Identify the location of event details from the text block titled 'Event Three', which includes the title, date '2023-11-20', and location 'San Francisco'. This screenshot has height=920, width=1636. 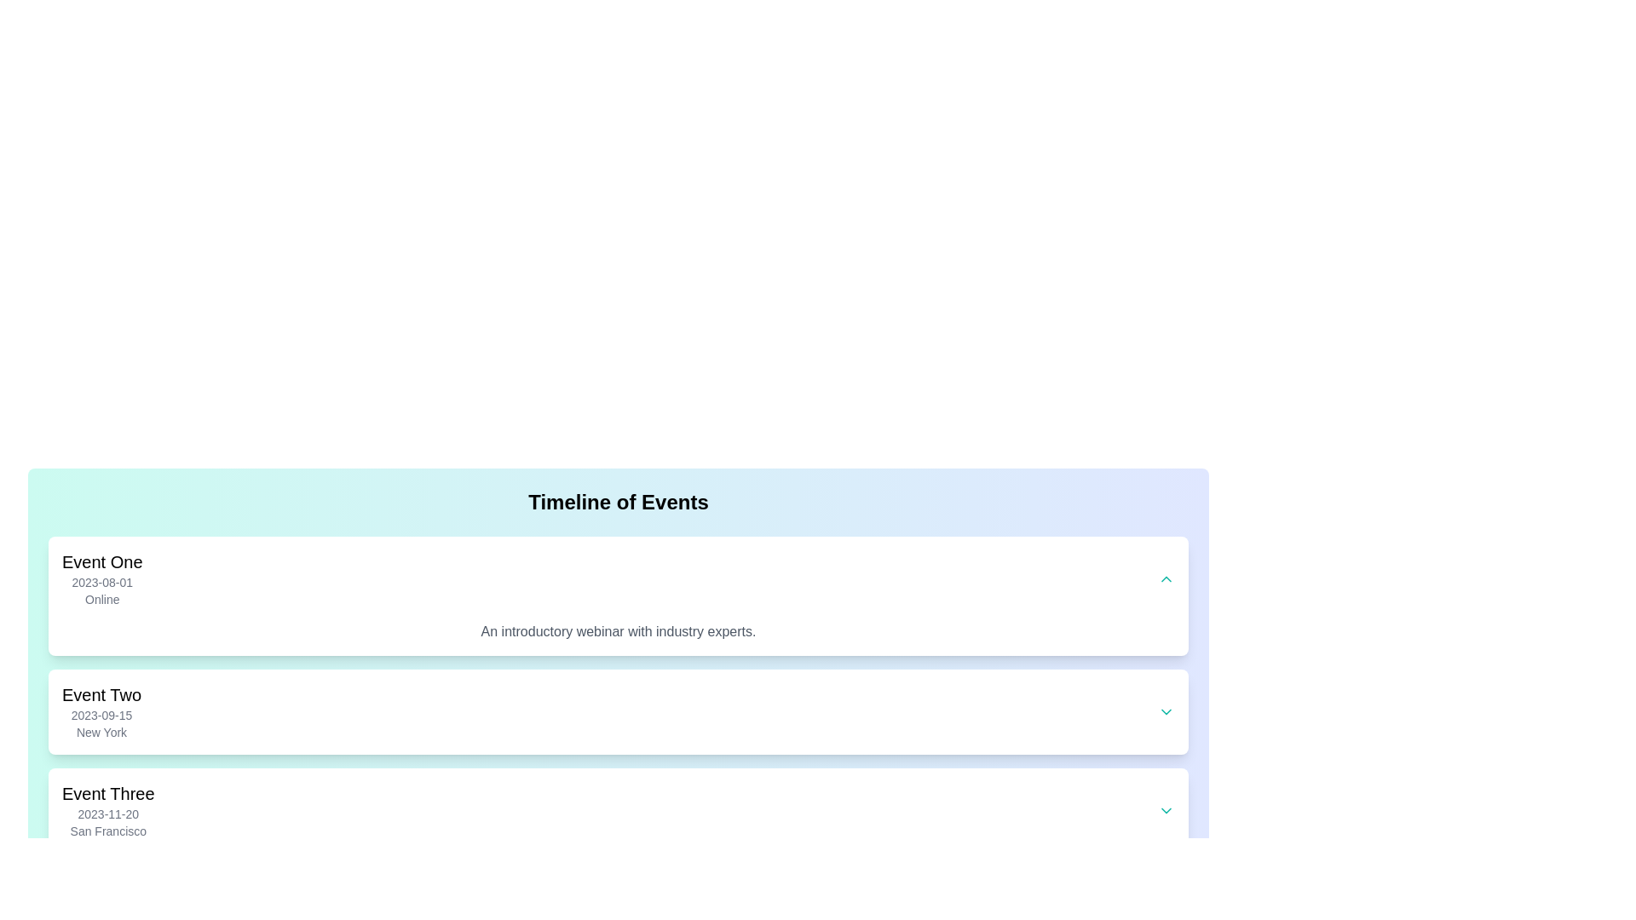
(107, 810).